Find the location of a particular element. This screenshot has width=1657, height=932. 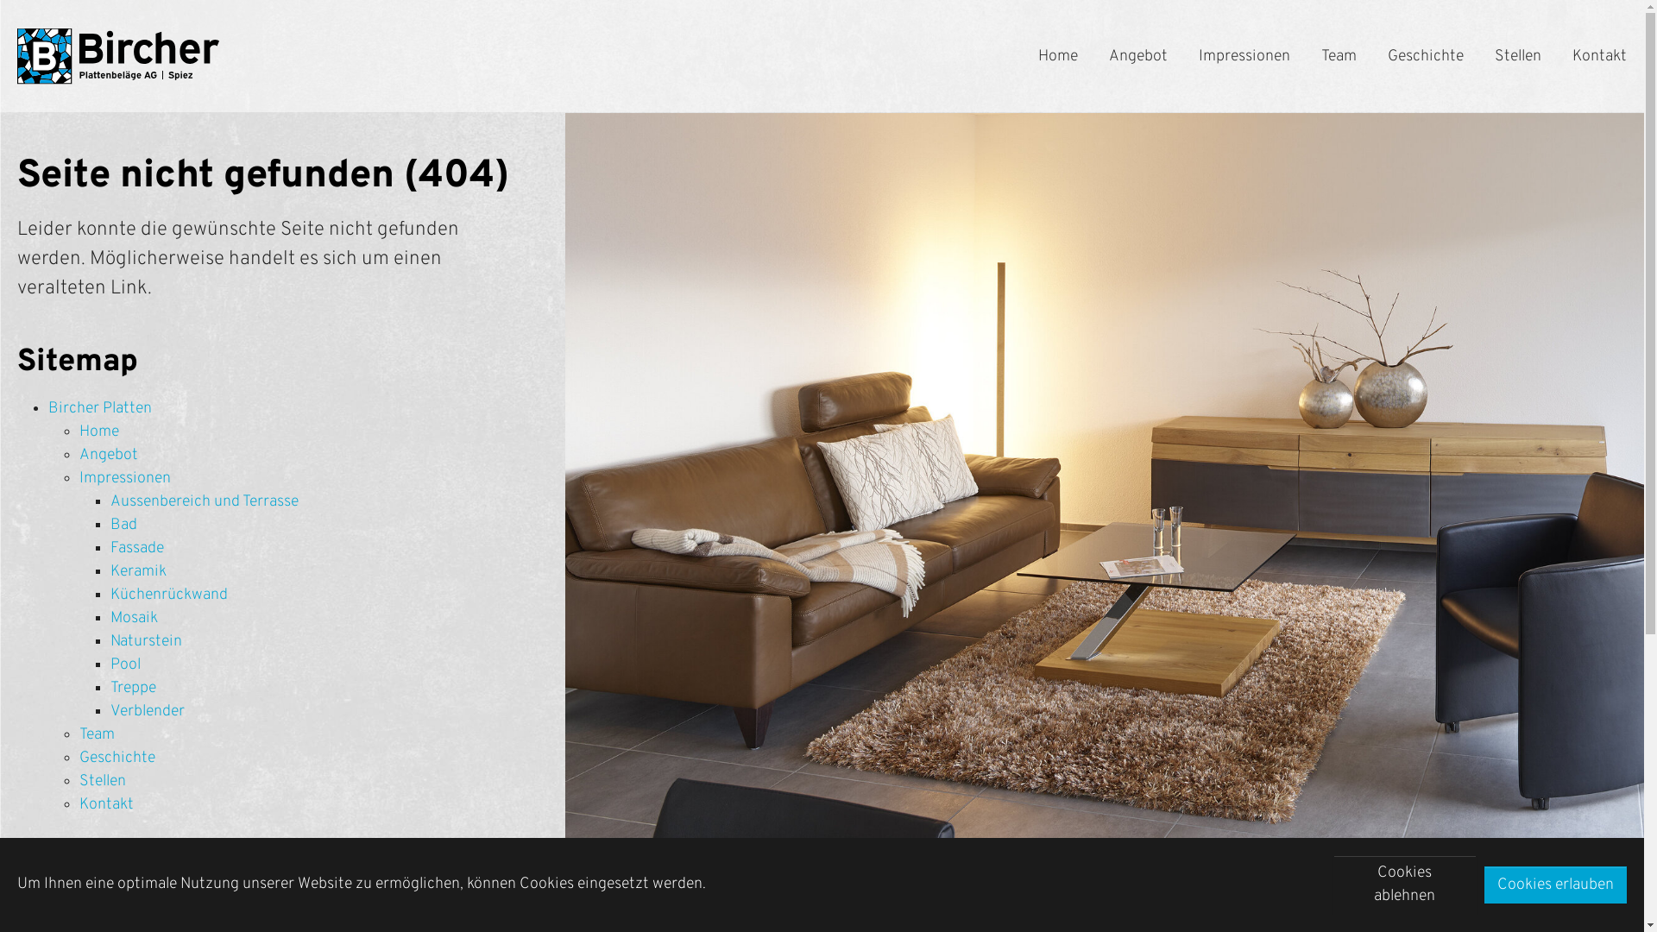

'Cookies erlauben' is located at coordinates (1556, 885).